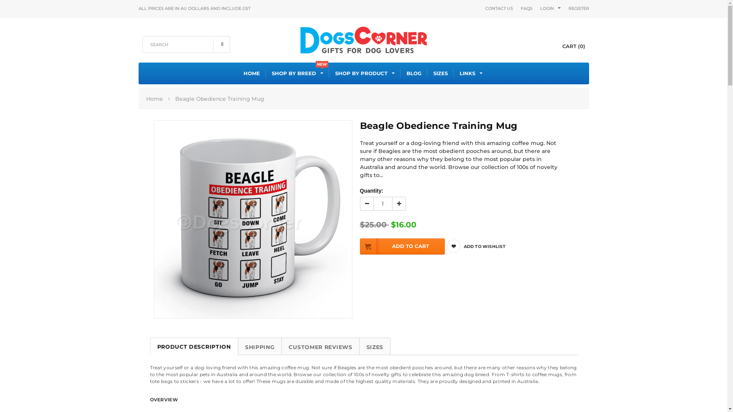 The image size is (733, 412). I want to click on 'Search', so click(213, 44).